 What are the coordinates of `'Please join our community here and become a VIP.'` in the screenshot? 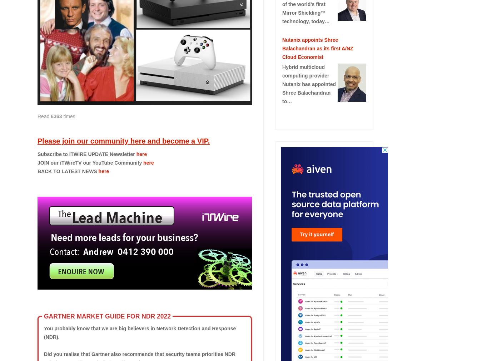 It's located at (124, 140).